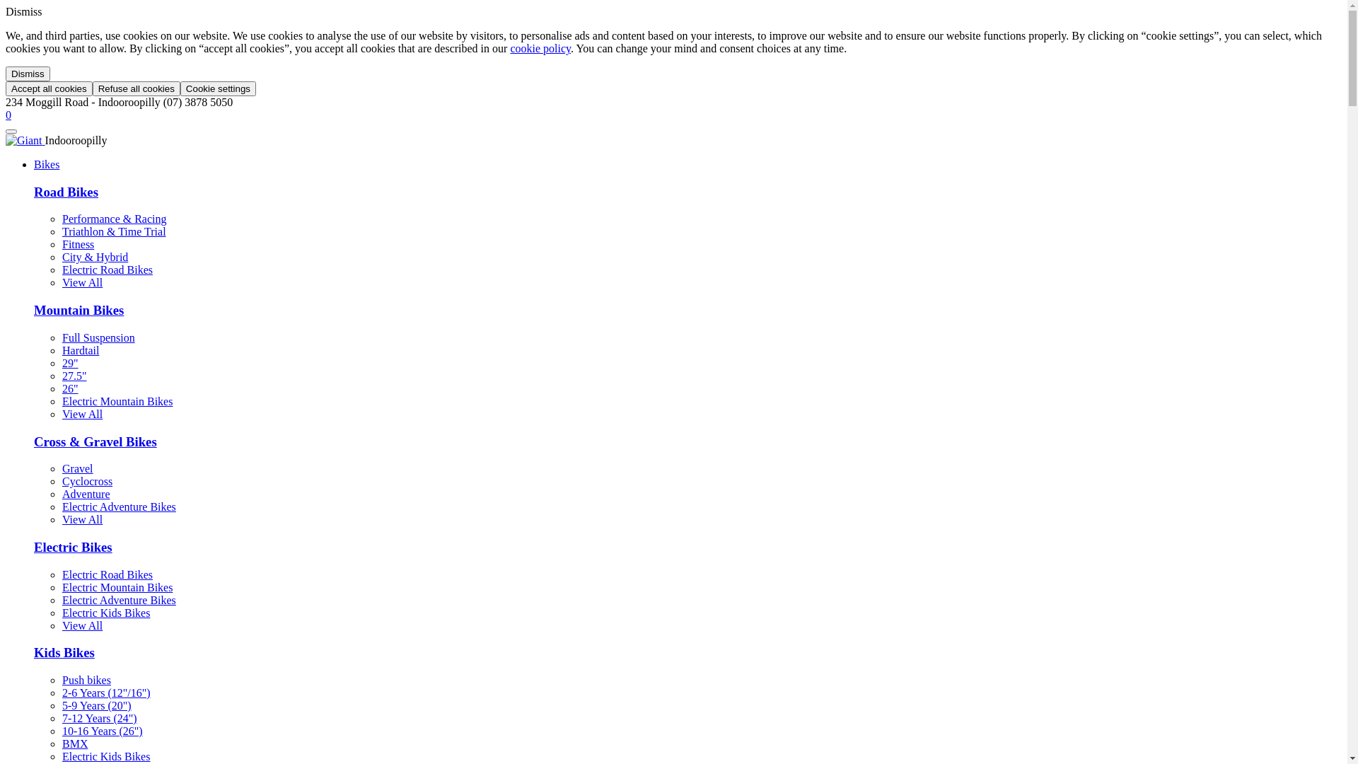 This screenshot has height=764, width=1358. Describe the element at coordinates (539, 47) in the screenshot. I see `'cookie policy'` at that location.